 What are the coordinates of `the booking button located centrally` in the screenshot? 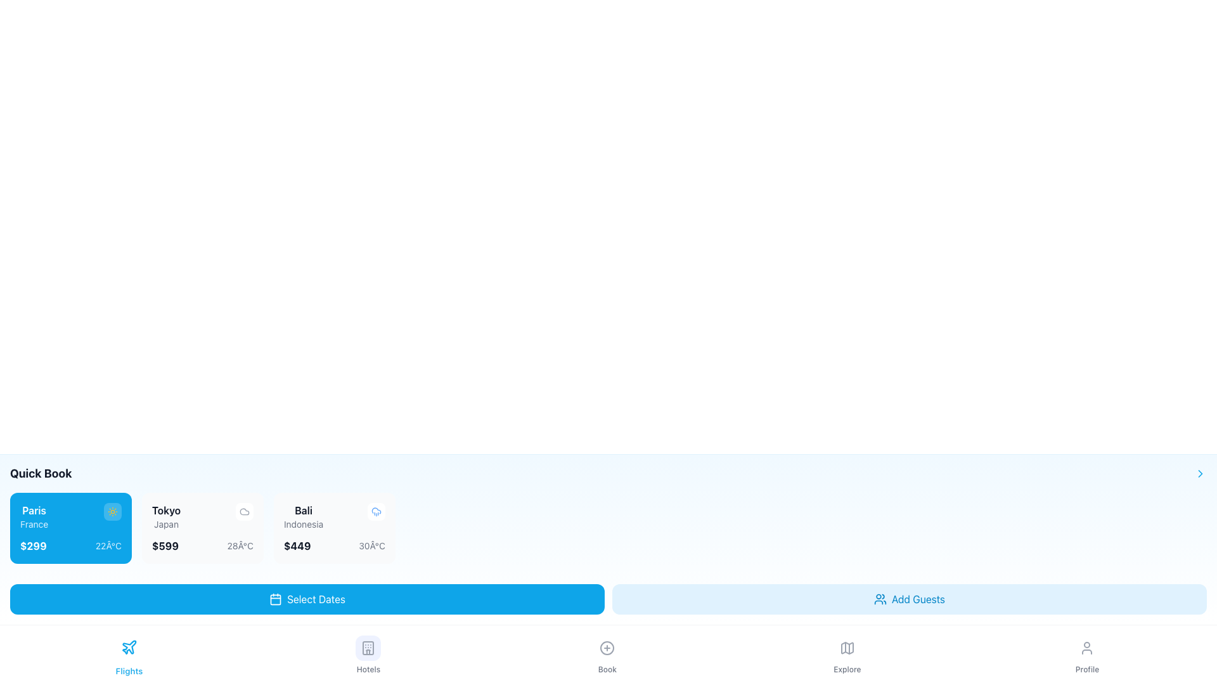 It's located at (607, 655).